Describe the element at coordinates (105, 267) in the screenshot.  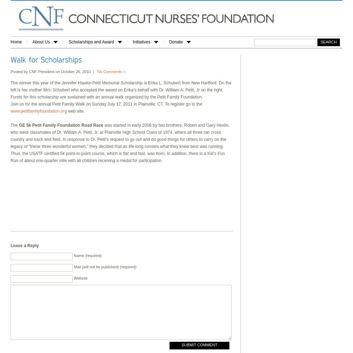
I see `'Mail (will not be published) (required)'` at that location.